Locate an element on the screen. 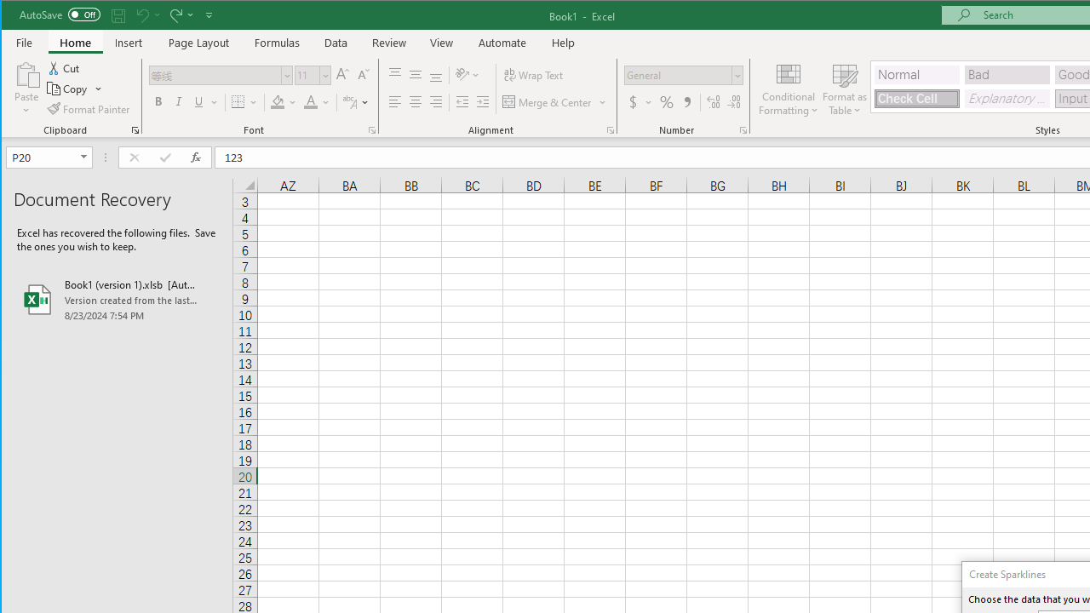 The height and width of the screenshot is (613, 1090). 'Decrease Indent' is located at coordinates (462, 102).